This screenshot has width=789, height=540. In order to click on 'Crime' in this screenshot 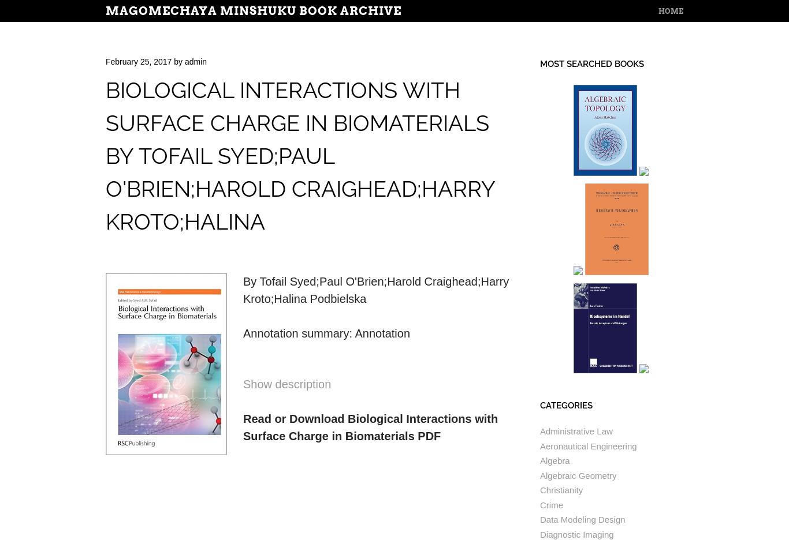, I will do `click(551, 504)`.